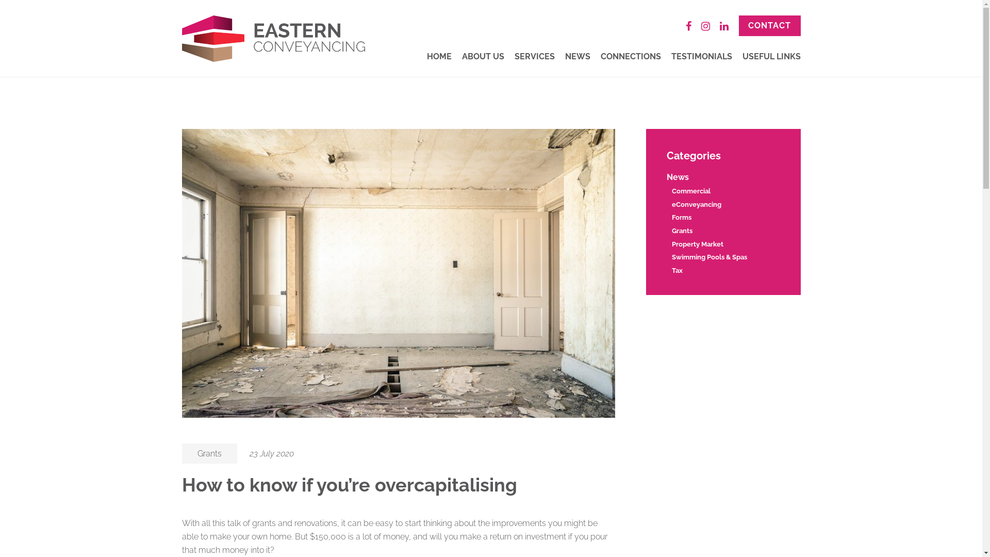 This screenshot has width=990, height=557. What do you see at coordinates (769, 25) in the screenshot?
I see `'CONTACT'` at bounding box center [769, 25].